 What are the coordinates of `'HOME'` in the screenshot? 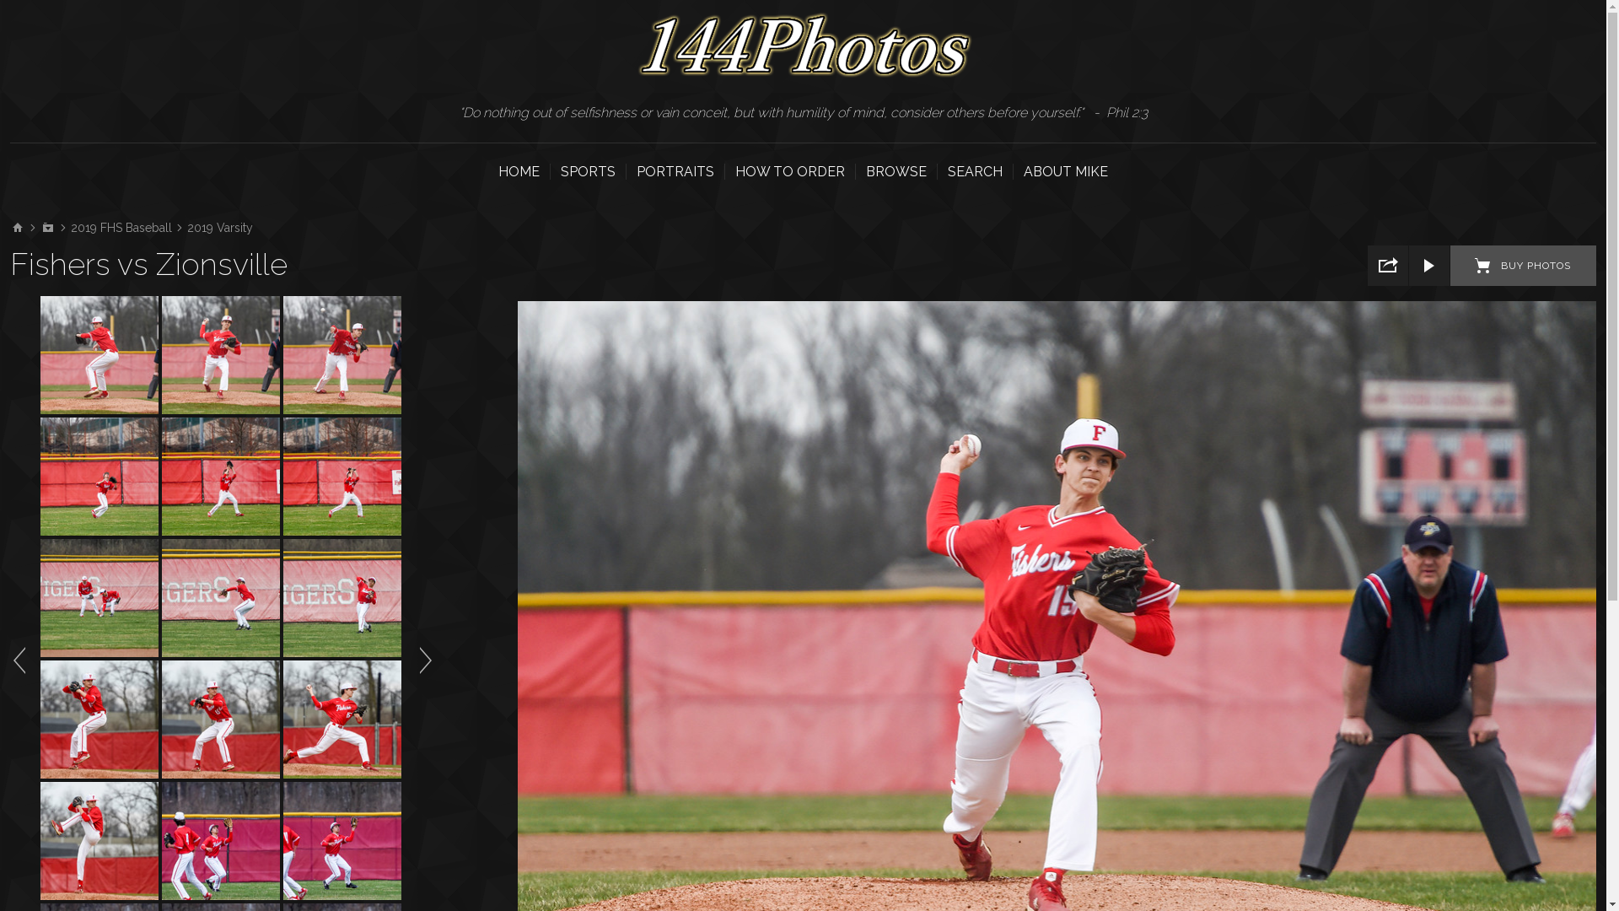 It's located at (497, 171).